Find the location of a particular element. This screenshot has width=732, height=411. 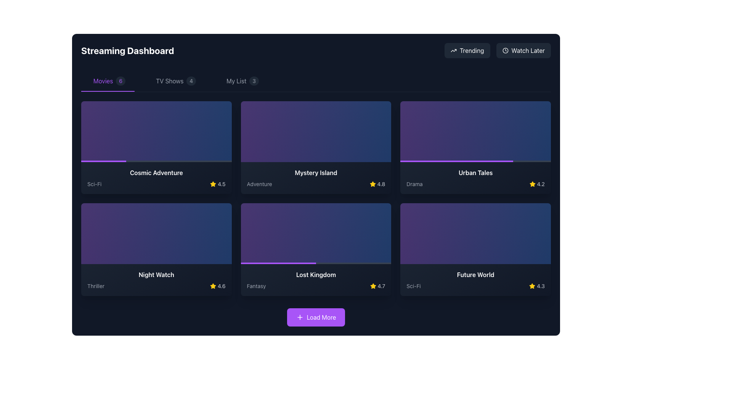

the purple progress bar segment that represents 75% progress within the progress bar on the 'Urban Tales' card in the second row, first column of the dashboard is located at coordinates (457, 161).